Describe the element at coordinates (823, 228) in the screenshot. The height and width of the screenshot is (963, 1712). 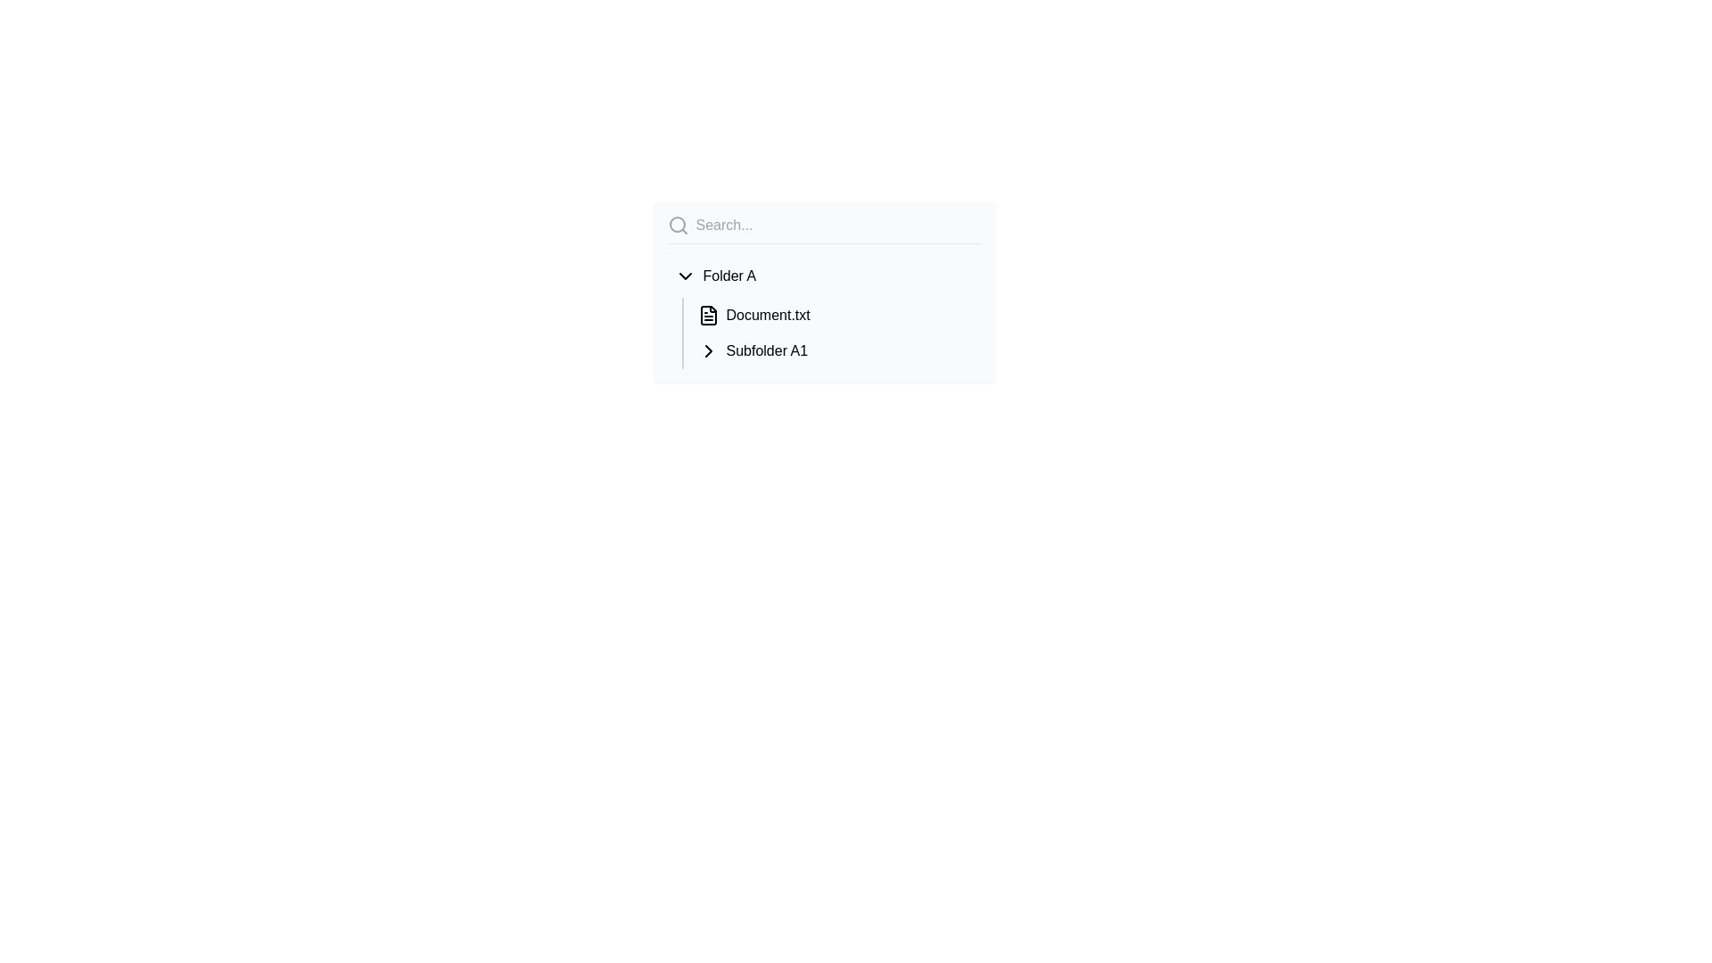
I see `the search bar input field at the top of the list area to focus and type in it` at that location.